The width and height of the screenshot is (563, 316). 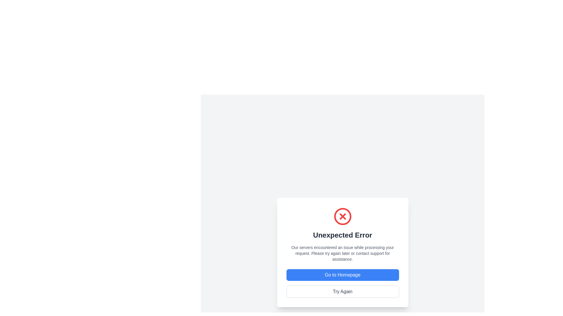 I want to click on the Text Label that serves as the title for the error message, located in the middle region of the error message box, directly below the red circular icon with an 'X' symbol, so click(x=342, y=235).